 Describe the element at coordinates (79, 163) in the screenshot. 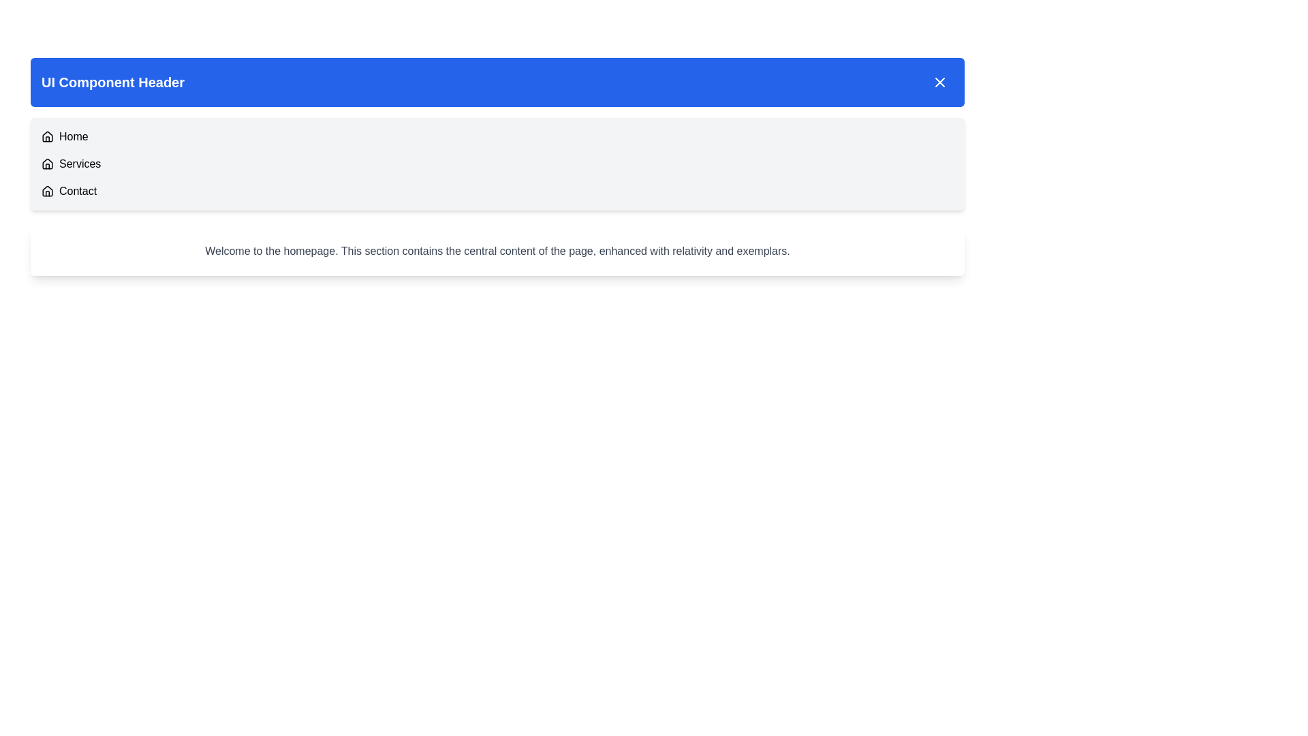

I see `text label displaying the word 'Services' in the navigation menu, positioned centrally below 'Home' and above 'Contact'` at that location.